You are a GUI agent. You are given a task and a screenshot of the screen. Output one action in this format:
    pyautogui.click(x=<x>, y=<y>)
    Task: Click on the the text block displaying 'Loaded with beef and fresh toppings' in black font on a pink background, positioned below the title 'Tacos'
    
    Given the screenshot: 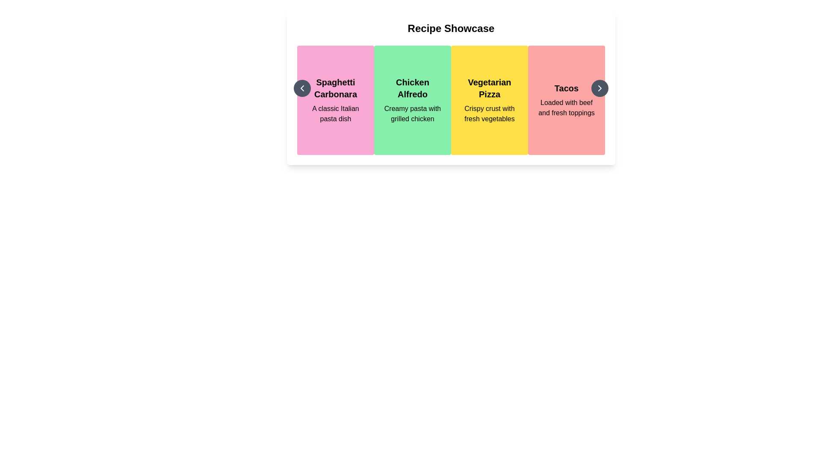 What is the action you would take?
    pyautogui.click(x=566, y=108)
    